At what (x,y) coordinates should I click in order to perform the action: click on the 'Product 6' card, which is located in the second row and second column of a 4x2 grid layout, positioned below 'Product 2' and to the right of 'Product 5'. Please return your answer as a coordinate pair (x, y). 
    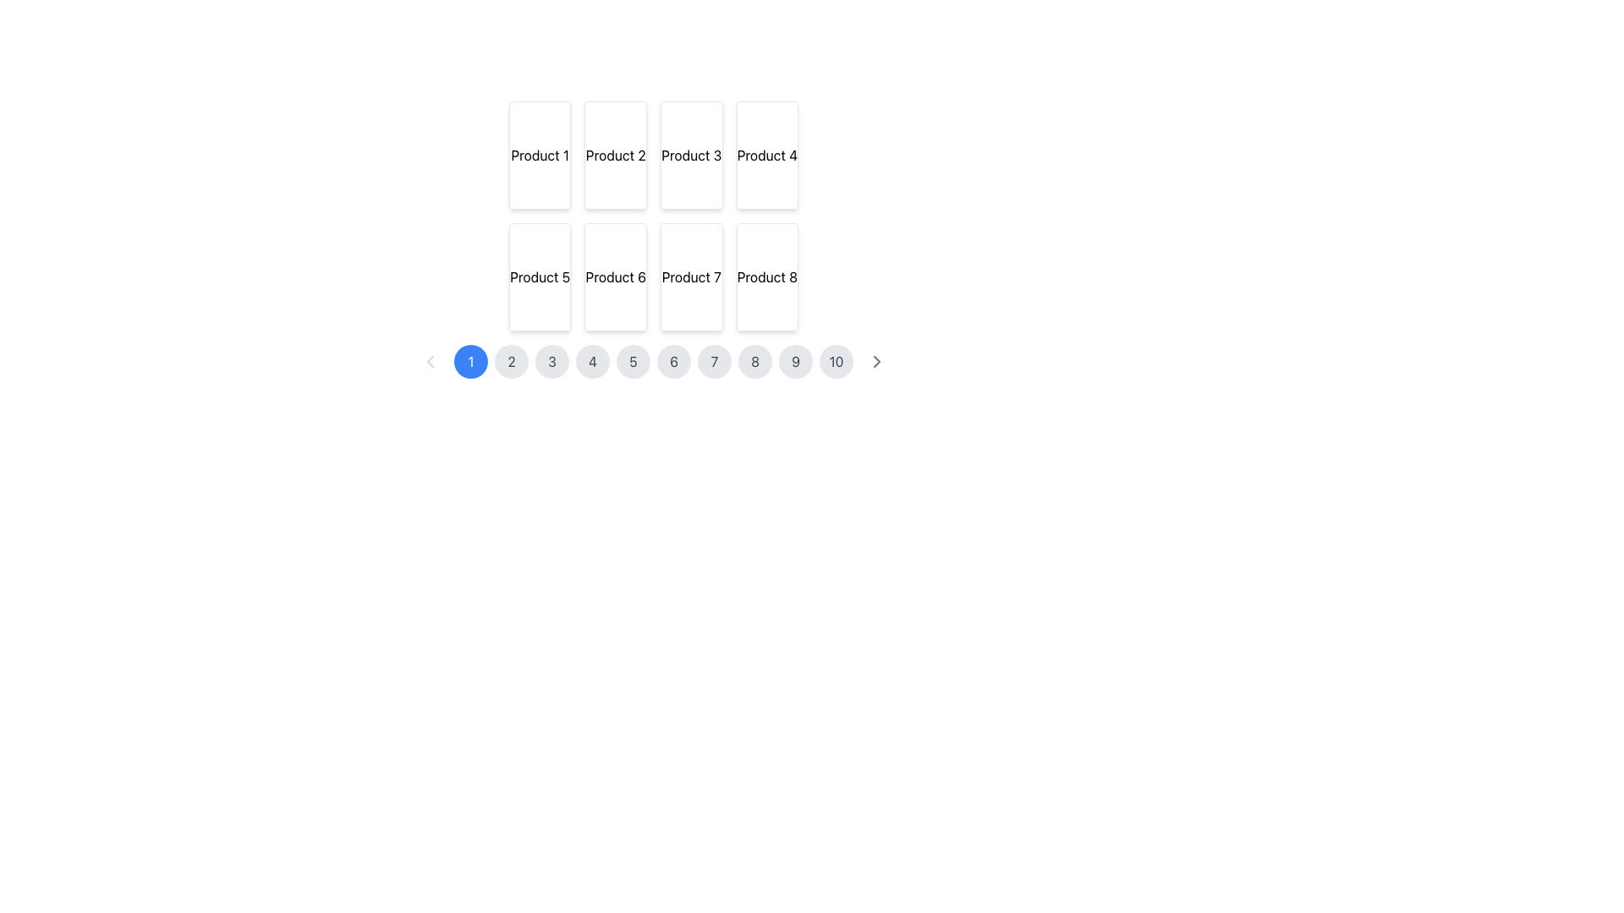
    Looking at the image, I should click on (615, 276).